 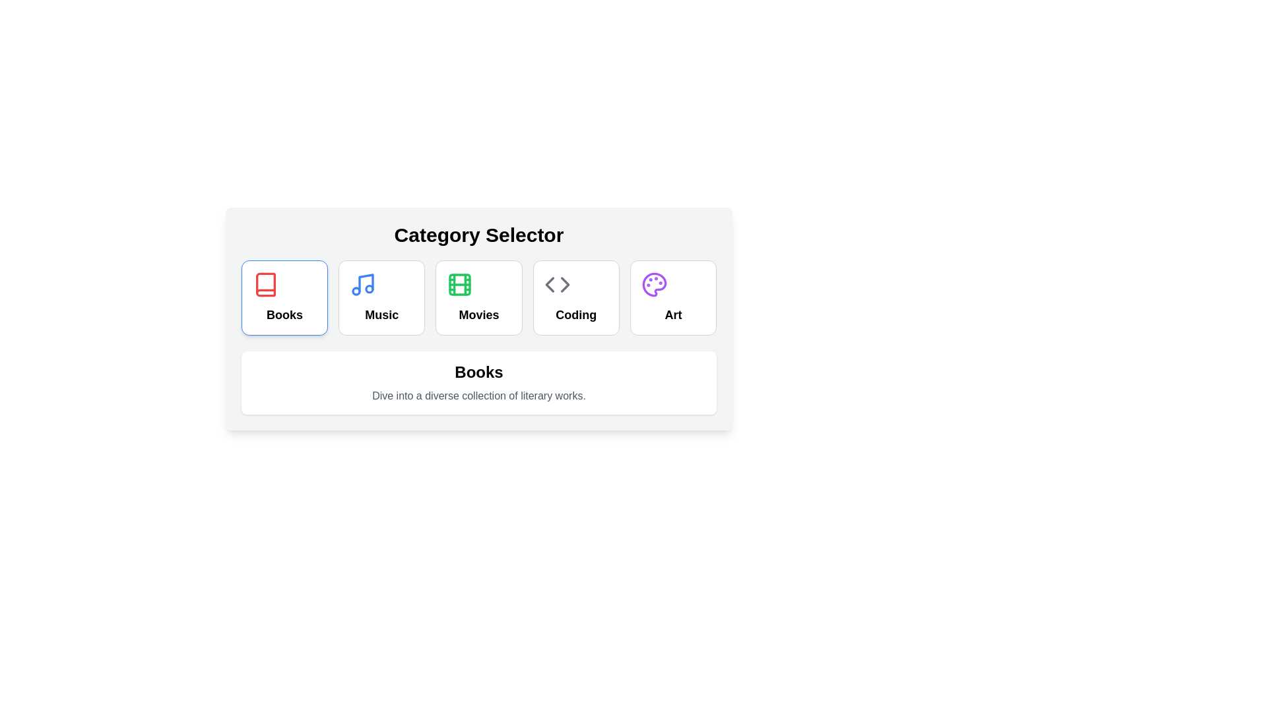 I want to click on the red book icon located in the top-left corner of the 'Books' button in the horizontal menu under 'Category Selector', so click(x=265, y=284).